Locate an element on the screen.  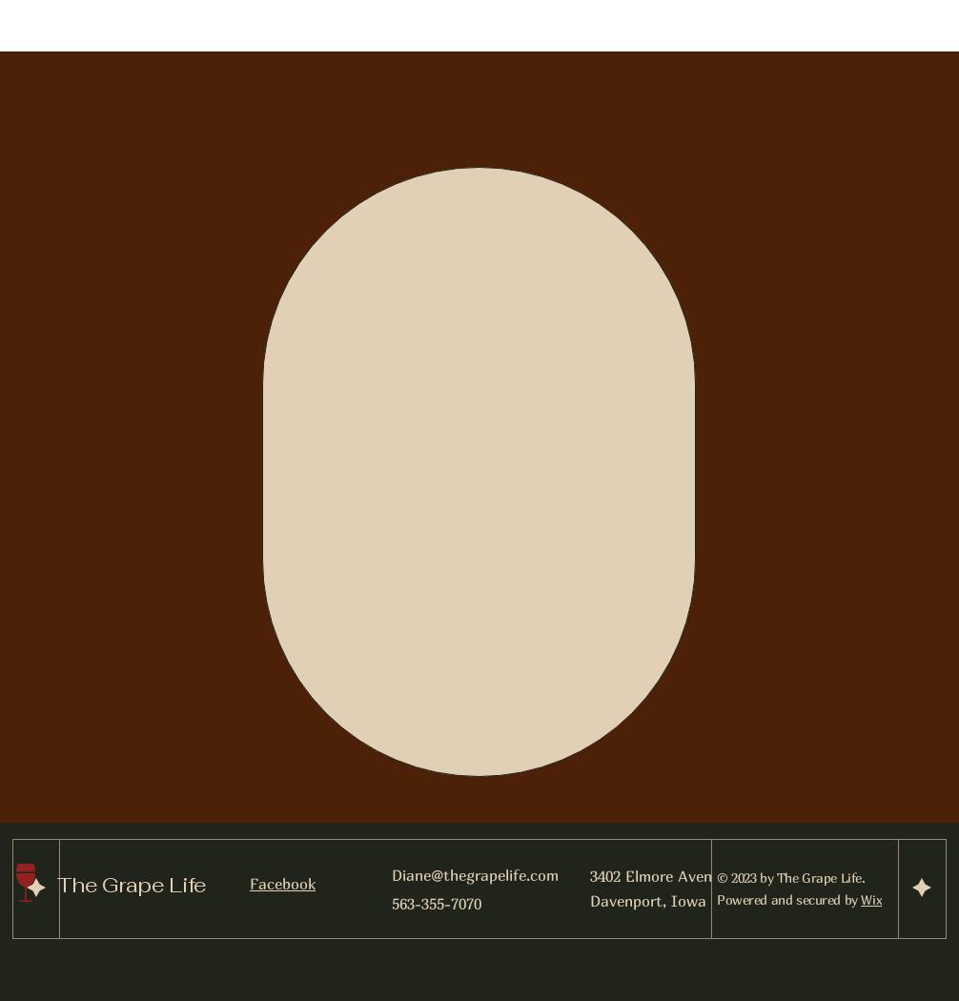
'3402 Elmore Avenue Davenport, Iowa 52807' is located at coordinates (669, 888).